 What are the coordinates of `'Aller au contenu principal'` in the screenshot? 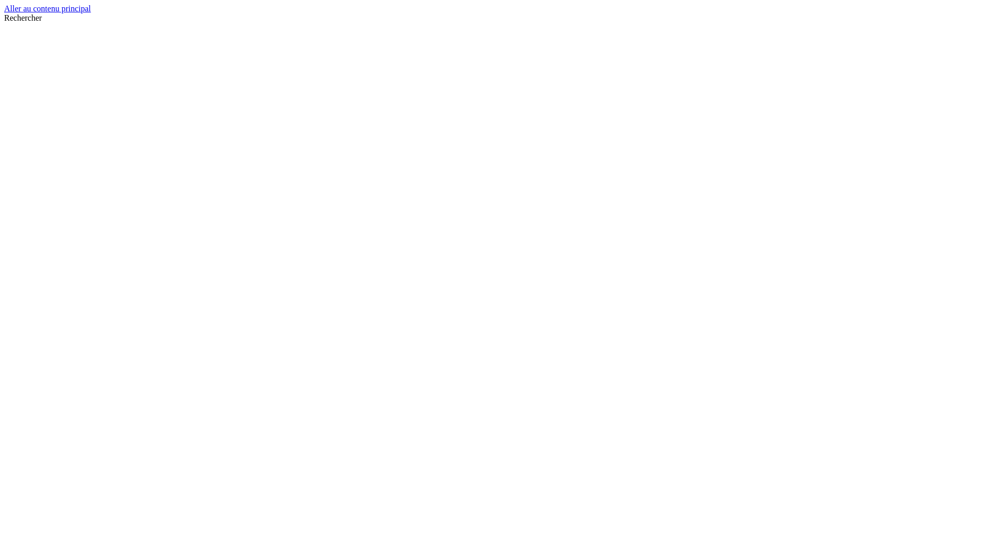 It's located at (47, 8).